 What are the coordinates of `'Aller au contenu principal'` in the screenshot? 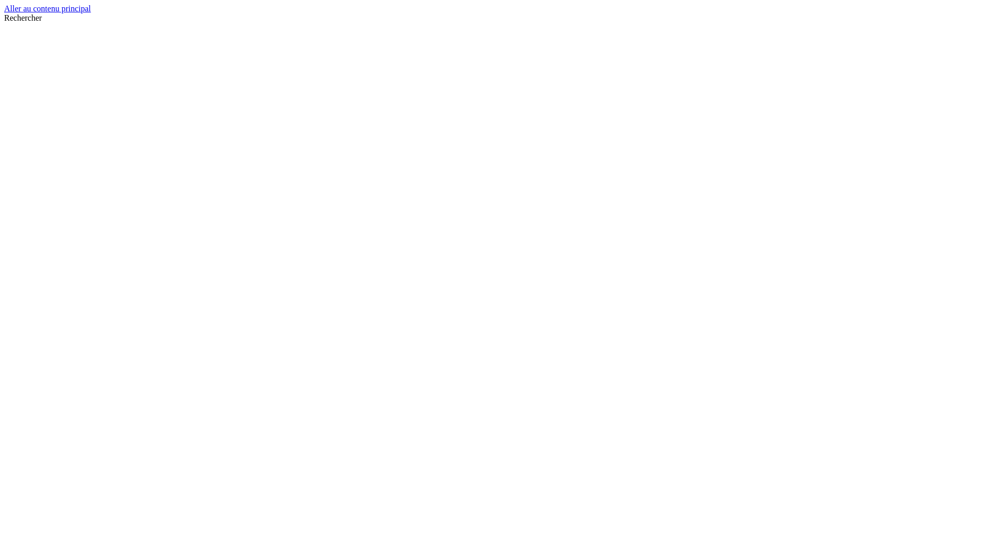 It's located at (47, 8).